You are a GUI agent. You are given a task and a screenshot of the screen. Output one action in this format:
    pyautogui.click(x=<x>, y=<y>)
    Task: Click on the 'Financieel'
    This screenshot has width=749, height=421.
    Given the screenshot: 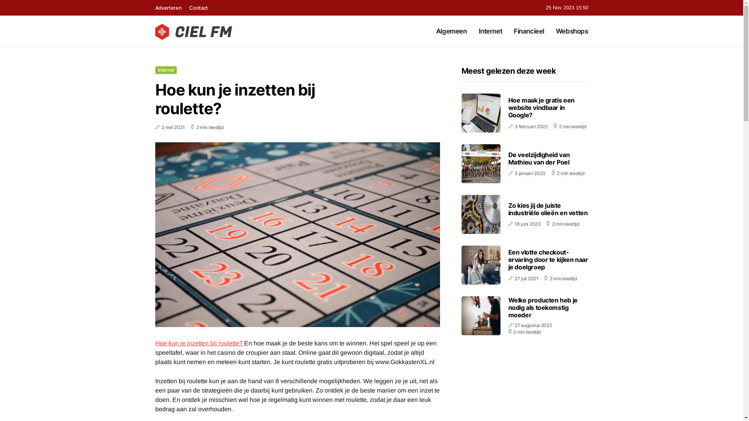 What is the action you would take?
    pyautogui.click(x=513, y=31)
    